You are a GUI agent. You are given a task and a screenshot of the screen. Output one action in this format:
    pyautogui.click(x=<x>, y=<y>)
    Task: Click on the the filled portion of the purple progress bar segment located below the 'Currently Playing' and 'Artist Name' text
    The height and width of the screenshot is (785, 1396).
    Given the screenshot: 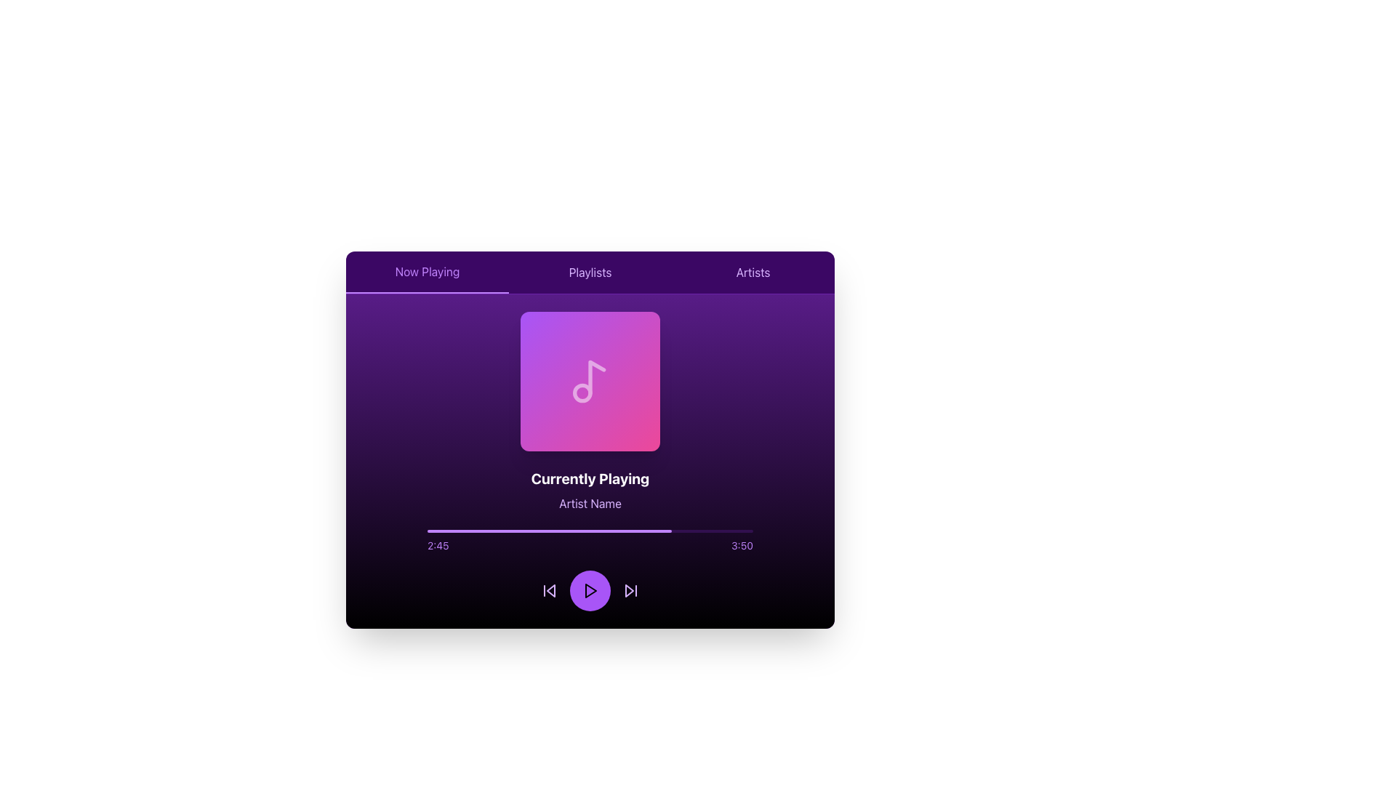 What is the action you would take?
    pyautogui.click(x=548, y=531)
    